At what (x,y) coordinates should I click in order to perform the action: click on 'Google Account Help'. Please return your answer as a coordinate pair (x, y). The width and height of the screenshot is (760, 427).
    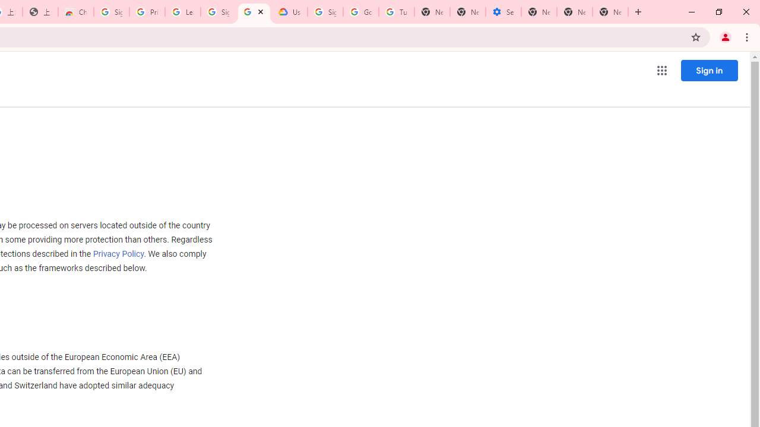
    Looking at the image, I should click on (360, 12).